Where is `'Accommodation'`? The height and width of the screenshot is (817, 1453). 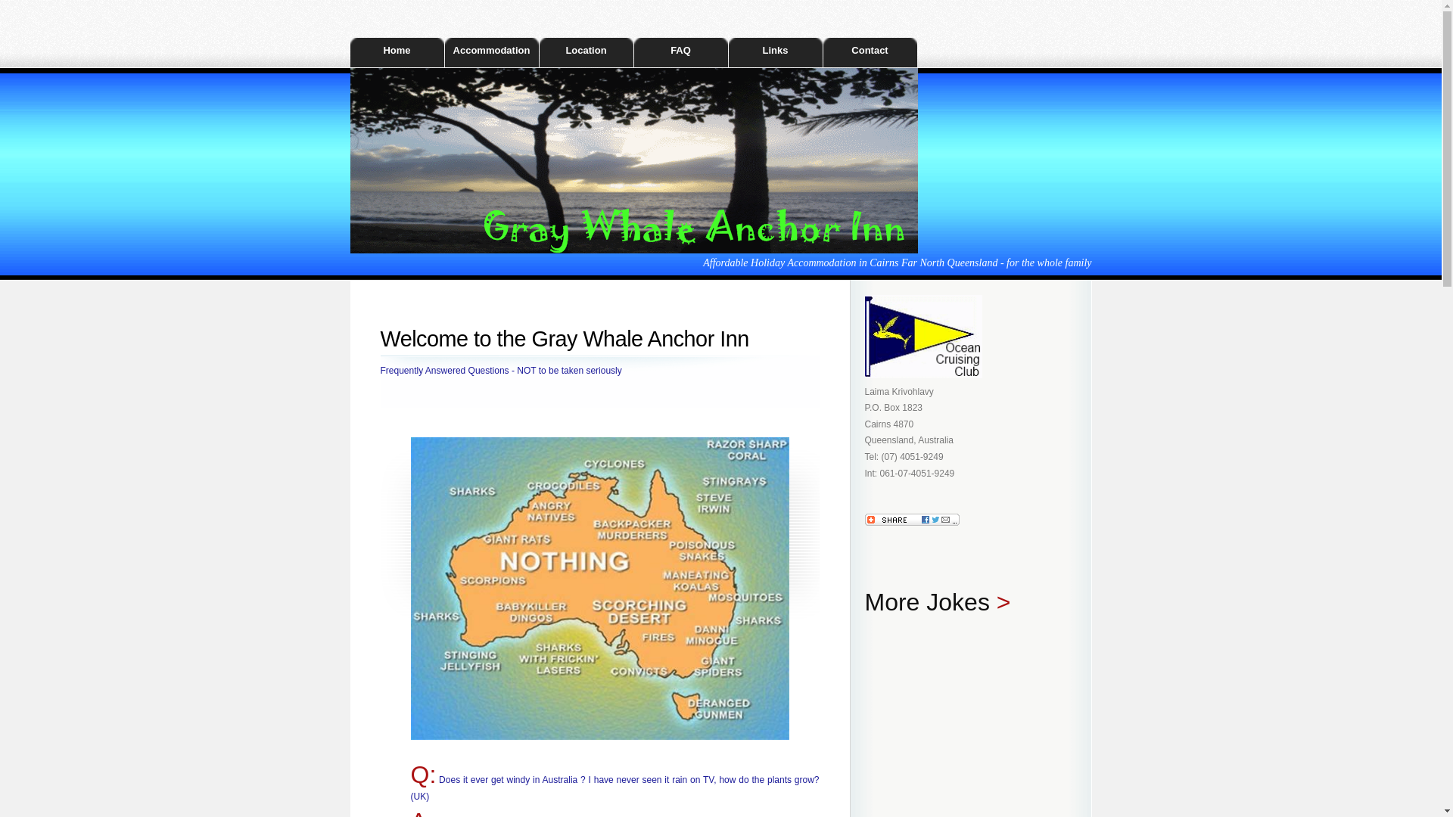 'Accommodation' is located at coordinates (491, 51).